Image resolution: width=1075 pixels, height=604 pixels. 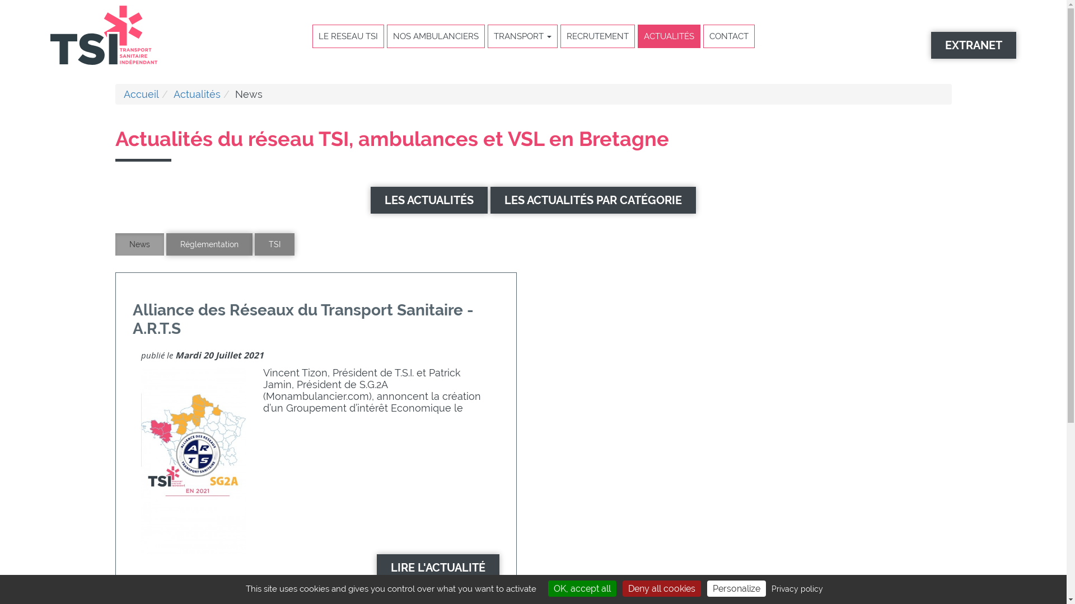 What do you see at coordinates (736, 588) in the screenshot?
I see `'Personalize'` at bounding box center [736, 588].